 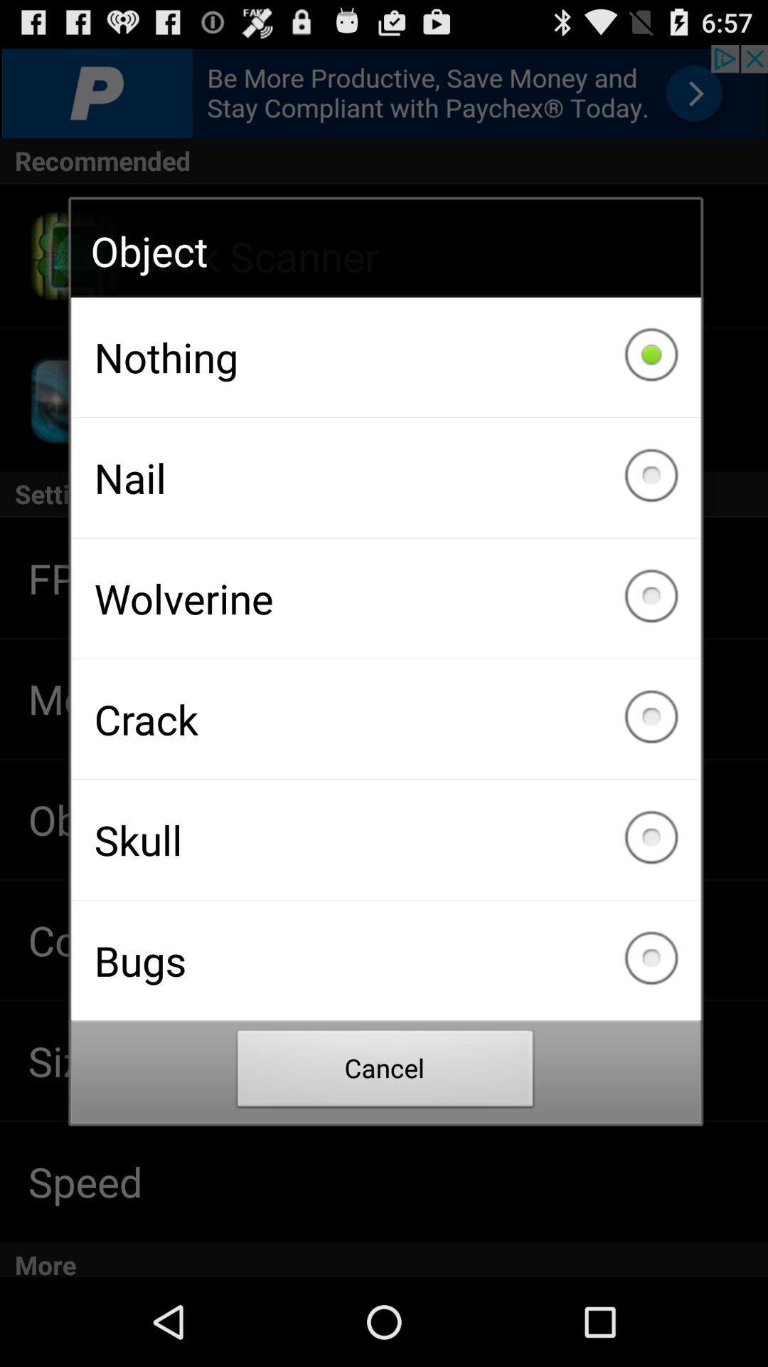 What do you see at coordinates (385, 1072) in the screenshot?
I see `checkbox below bugs item` at bounding box center [385, 1072].